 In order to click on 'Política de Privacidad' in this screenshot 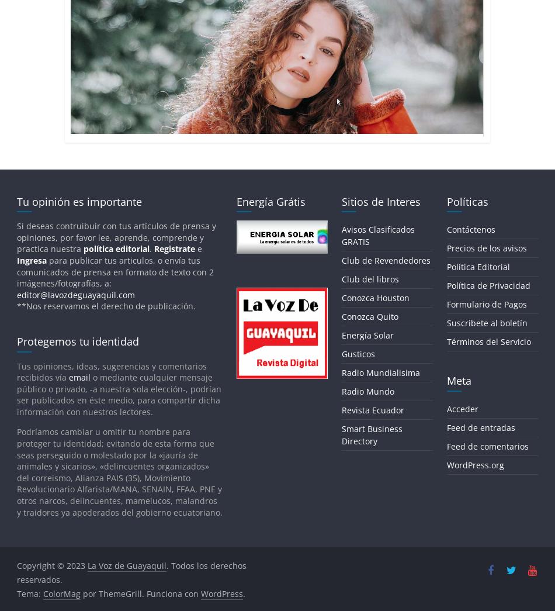, I will do `click(487, 285)`.